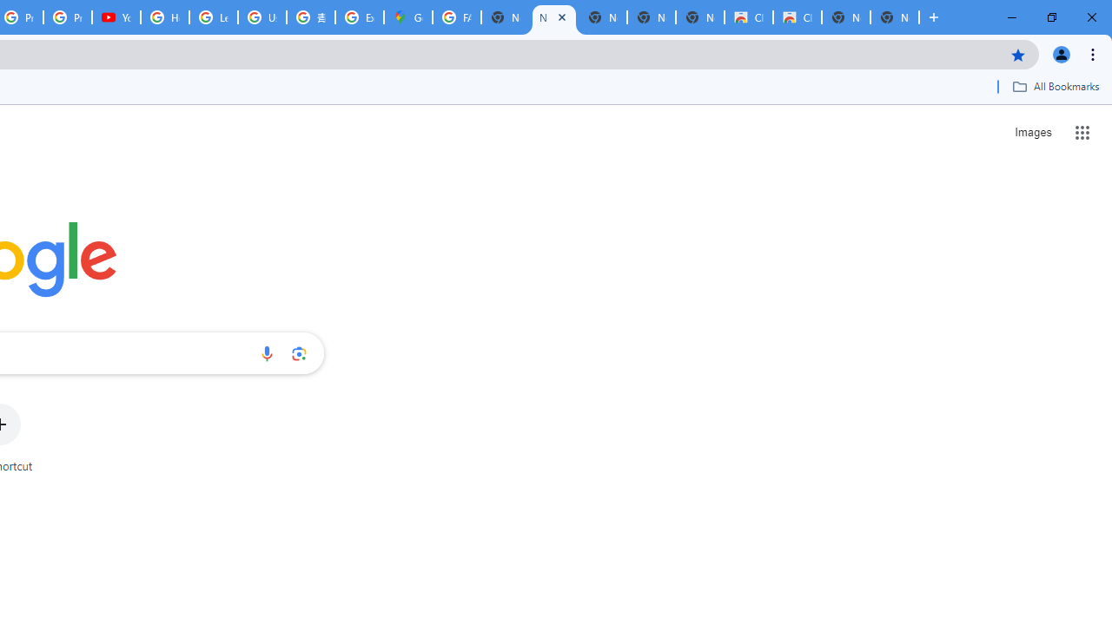 This screenshot has height=625, width=1112. I want to click on 'New Tab', so click(895, 17).